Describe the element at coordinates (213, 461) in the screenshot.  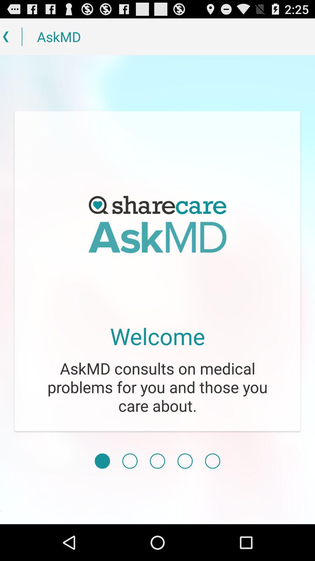
I see `the radio button at the bottom right corner` at that location.